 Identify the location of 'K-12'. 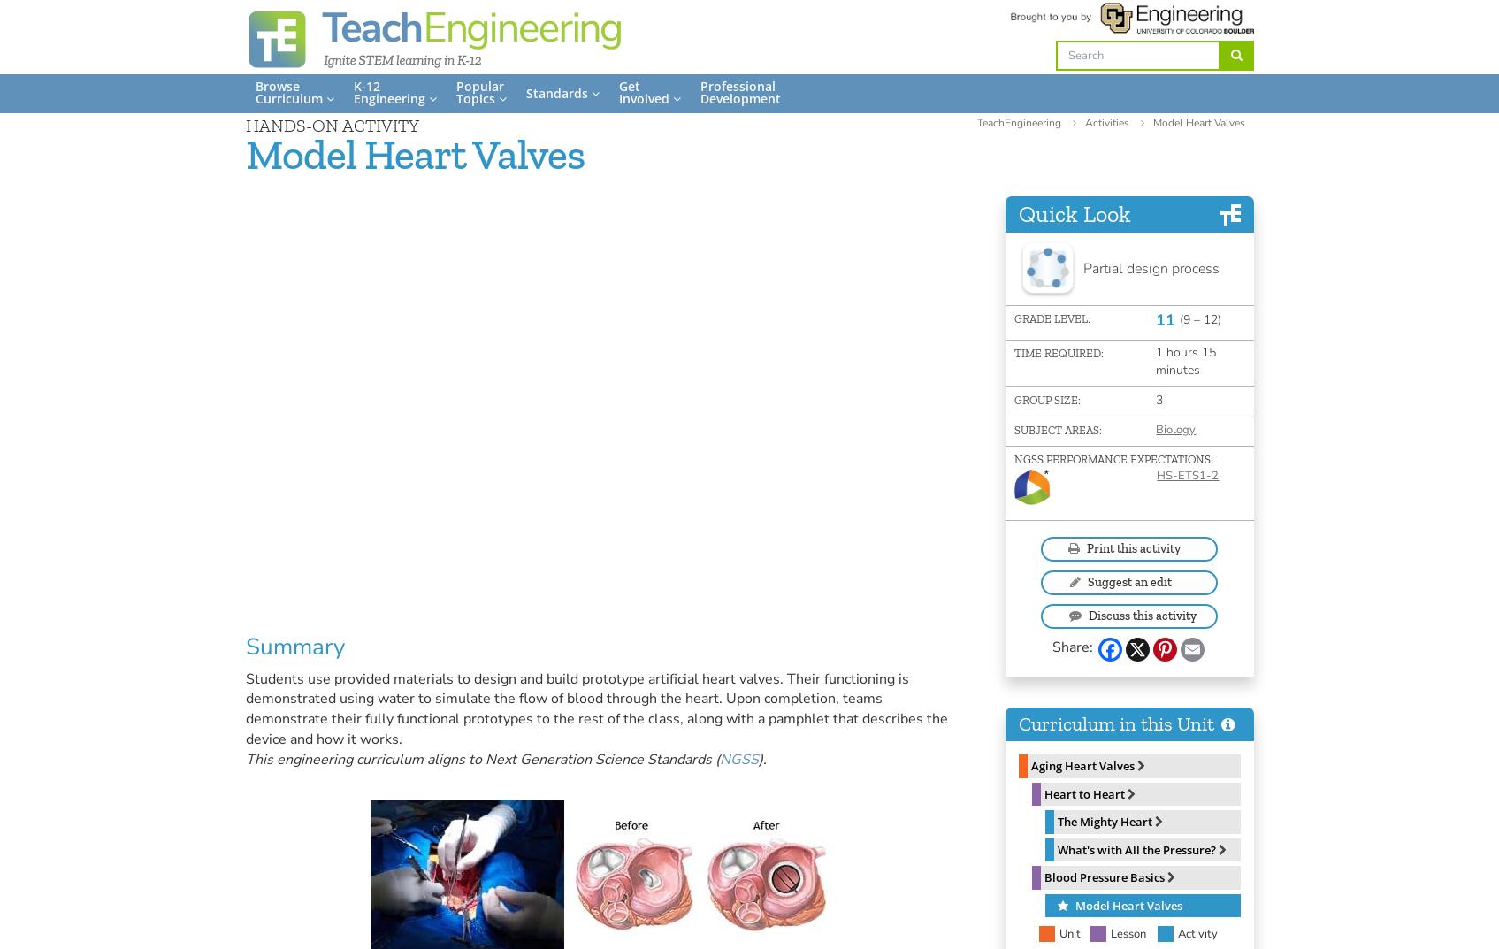
(365, 86).